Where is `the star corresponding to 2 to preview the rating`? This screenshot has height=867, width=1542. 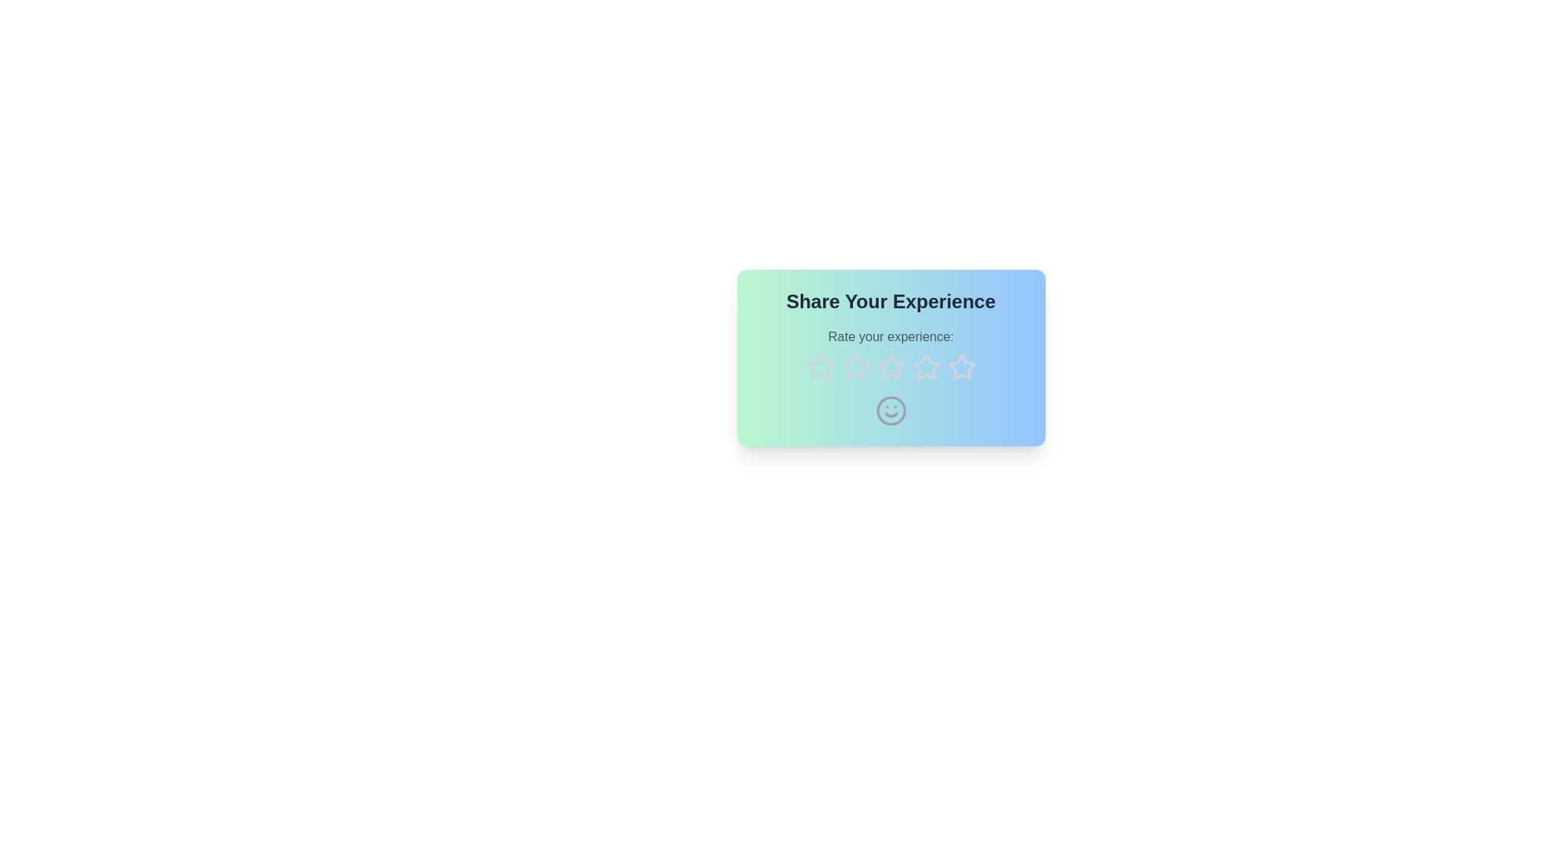 the star corresponding to 2 to preview the rating is located at coordinates (855, 368).